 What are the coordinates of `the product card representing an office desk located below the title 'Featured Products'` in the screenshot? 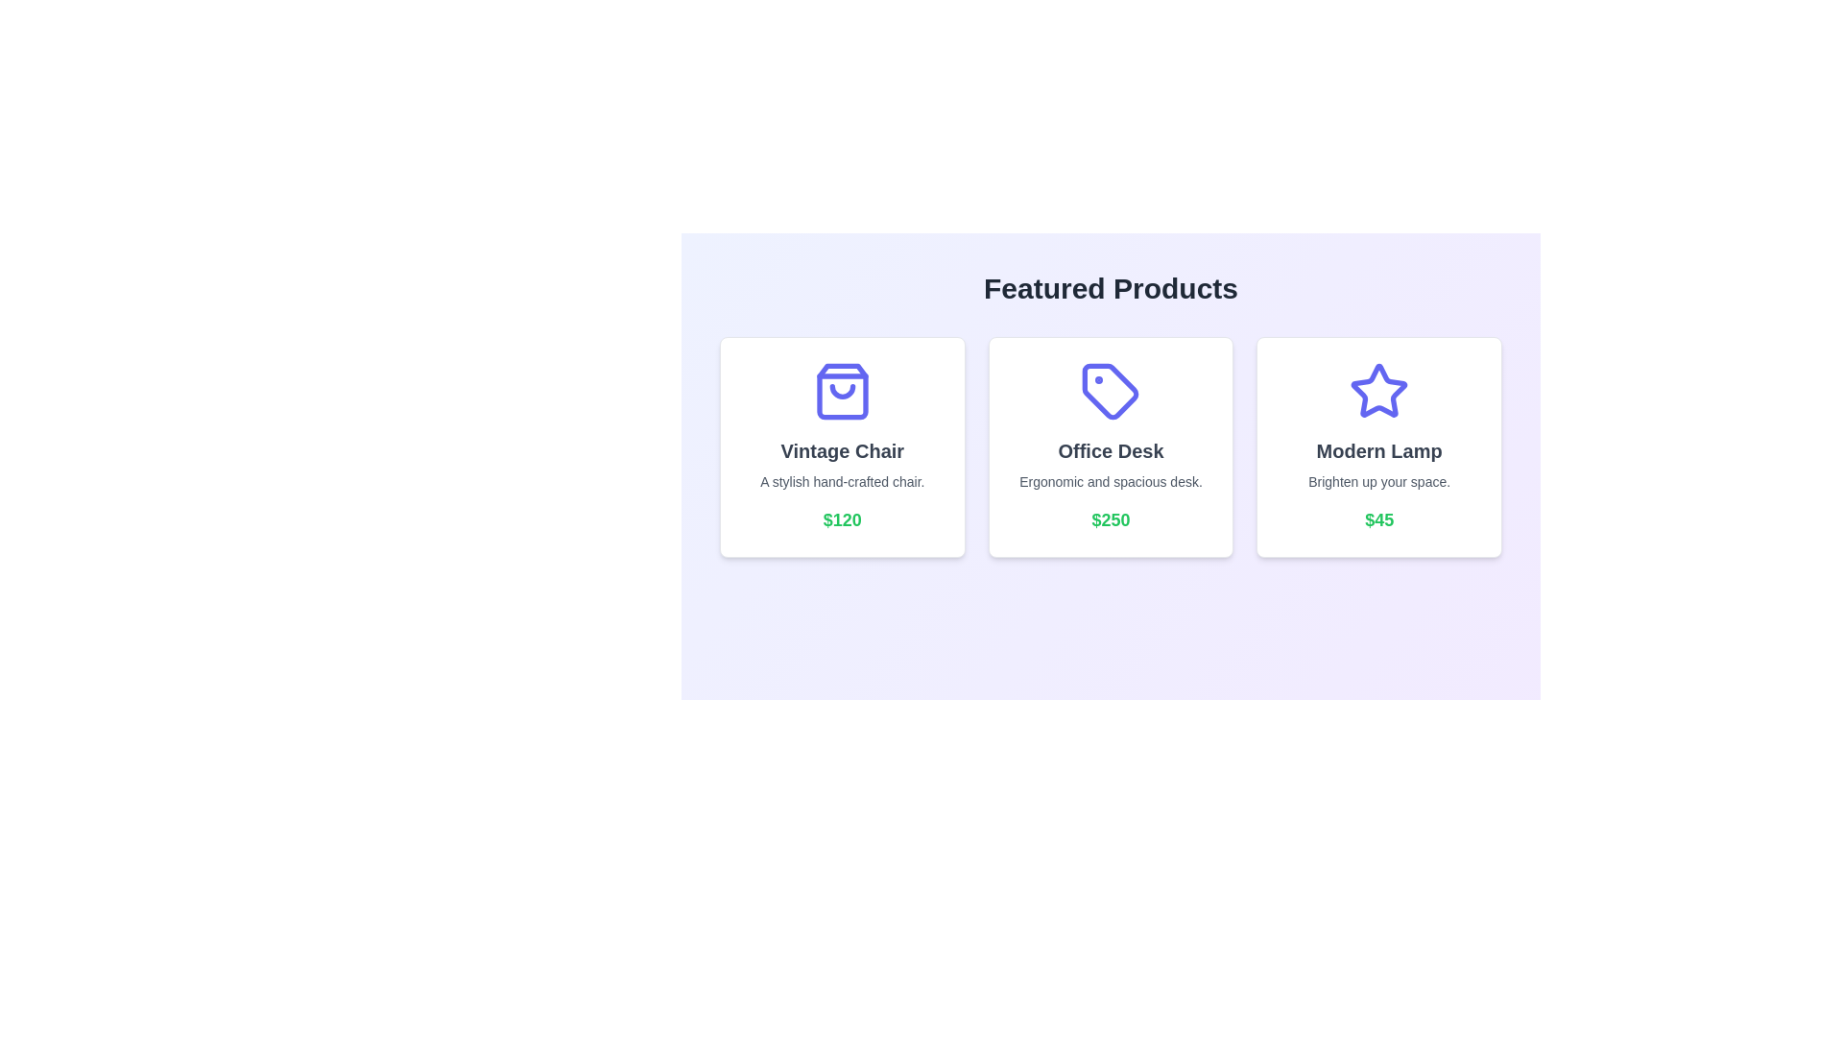 It's located at (1111, 455).